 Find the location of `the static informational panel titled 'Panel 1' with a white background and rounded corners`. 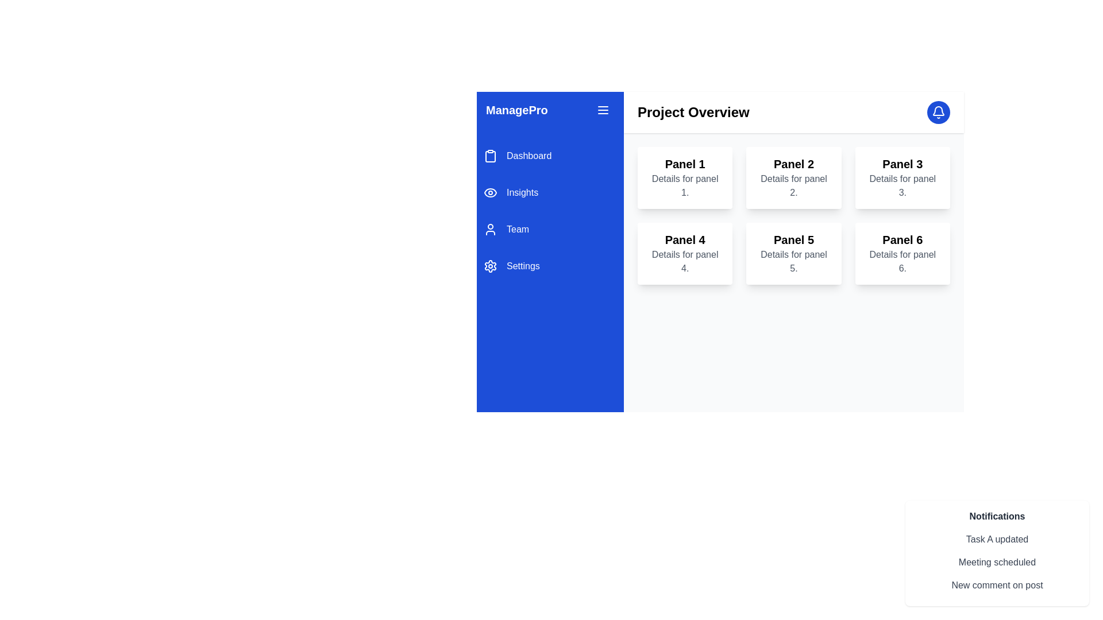

the static informational panel titled 'Panel 1' with a white background and rounded corners is located at coordinates (685, 177).